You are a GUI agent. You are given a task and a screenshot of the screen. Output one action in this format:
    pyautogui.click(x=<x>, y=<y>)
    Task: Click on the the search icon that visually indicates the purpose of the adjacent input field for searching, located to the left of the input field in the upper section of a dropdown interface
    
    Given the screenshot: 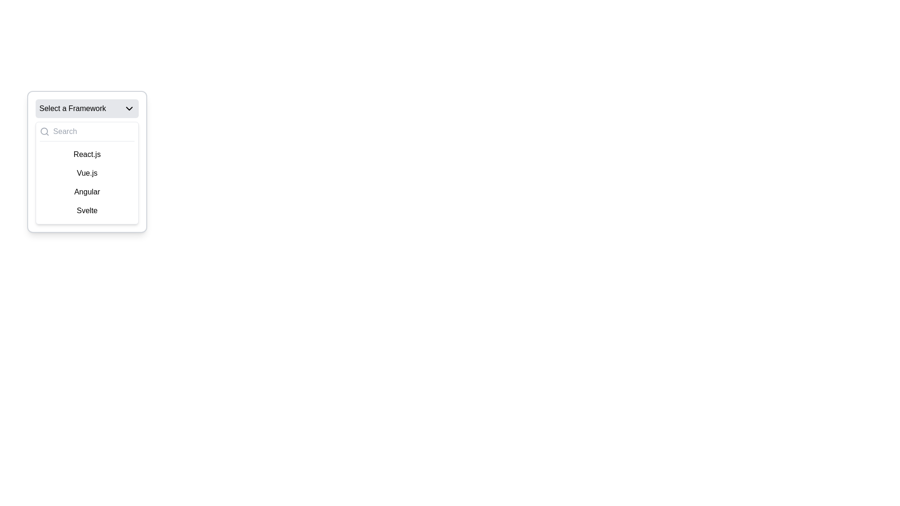 What is the action you would take?
    pyautogui.click(x=44, y=132)
    